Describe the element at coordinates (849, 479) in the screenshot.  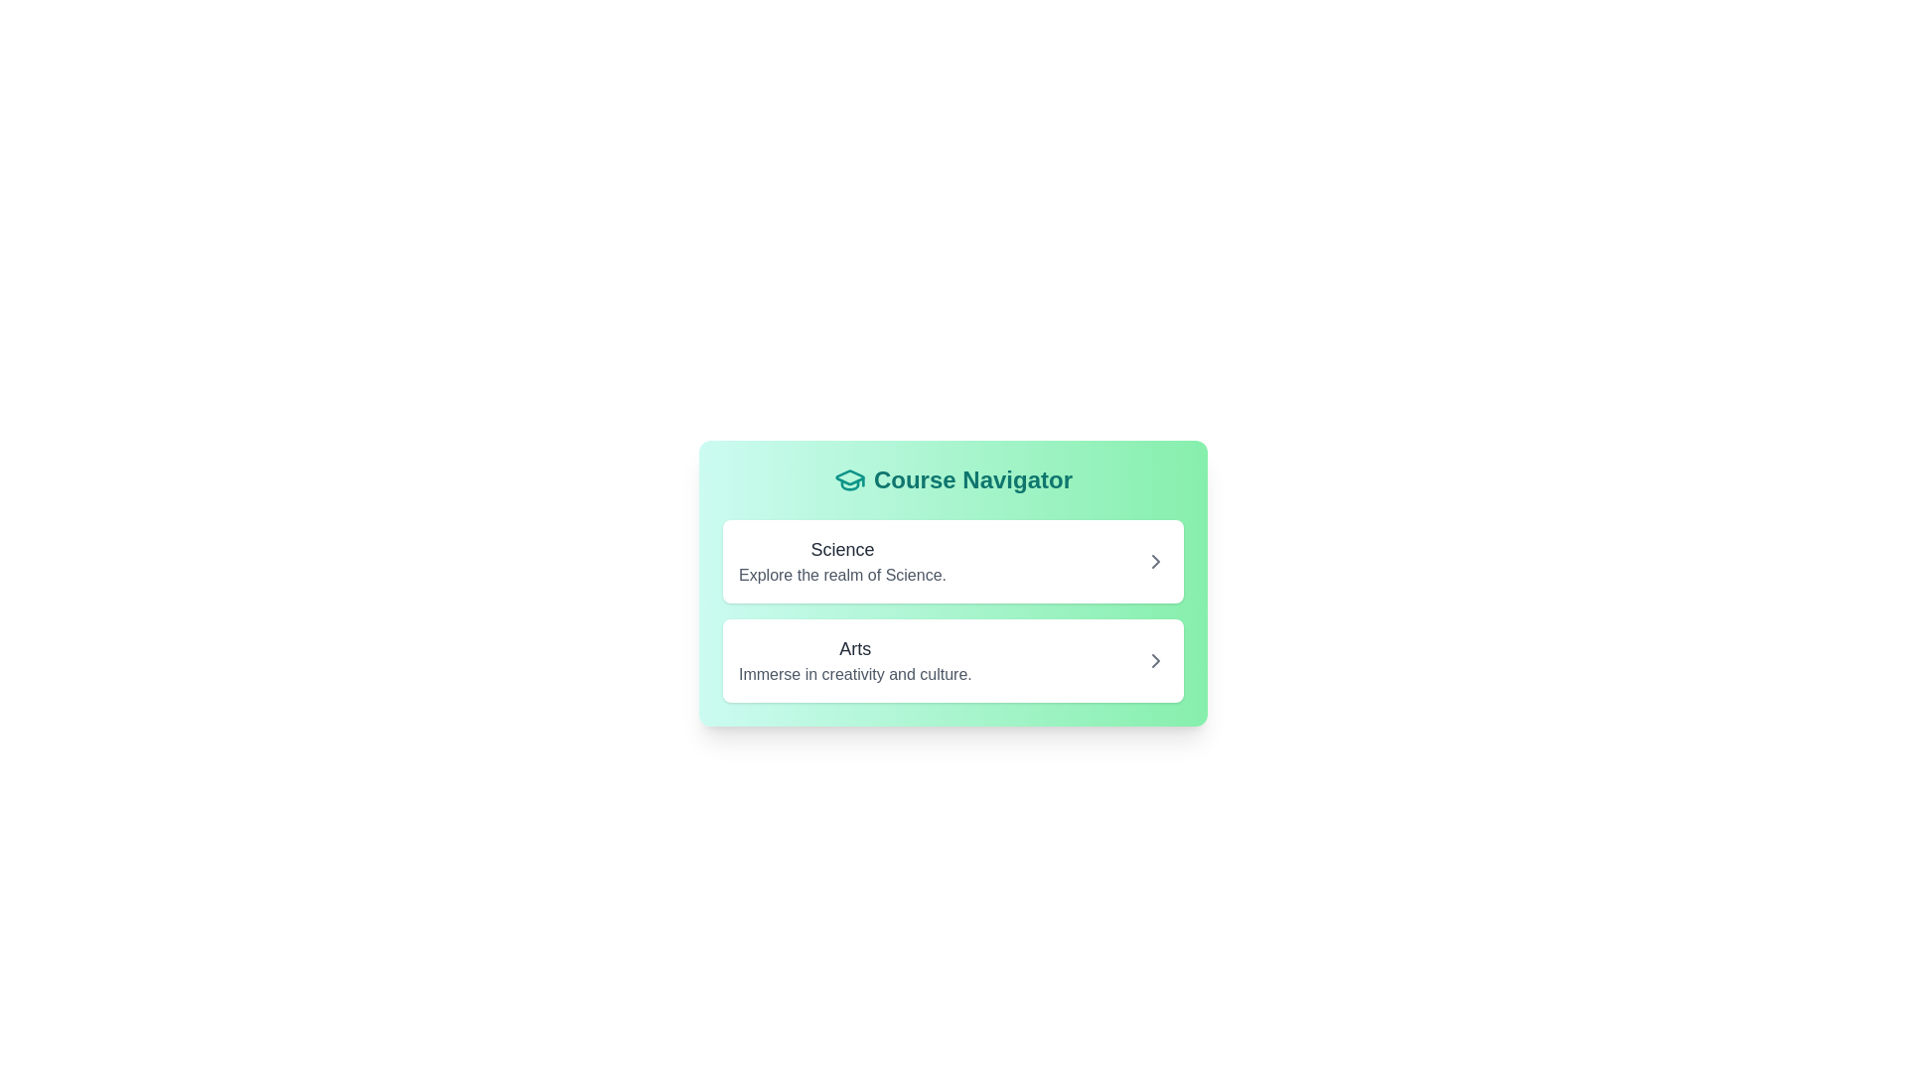
I see `the education-themed icon located at the top center of the 'Course Navigator' card-like interface` at that location.